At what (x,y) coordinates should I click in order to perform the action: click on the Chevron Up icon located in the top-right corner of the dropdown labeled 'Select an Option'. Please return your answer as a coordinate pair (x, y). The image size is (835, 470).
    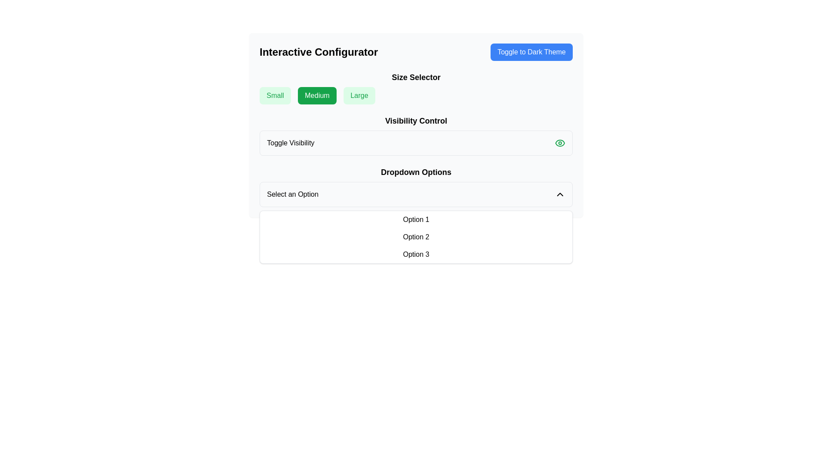
    Looking at the image, I should click on (560, 194).